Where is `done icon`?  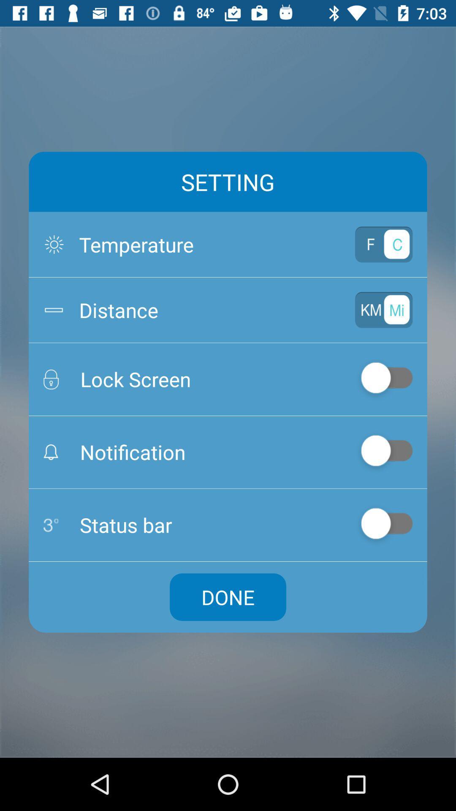
done icon is located at coordinates (228, 596).